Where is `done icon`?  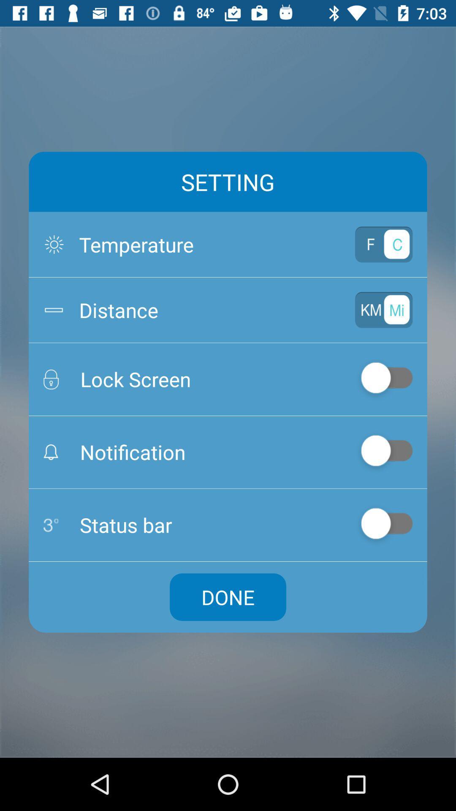
done icon is located at coordinates (228, 596).